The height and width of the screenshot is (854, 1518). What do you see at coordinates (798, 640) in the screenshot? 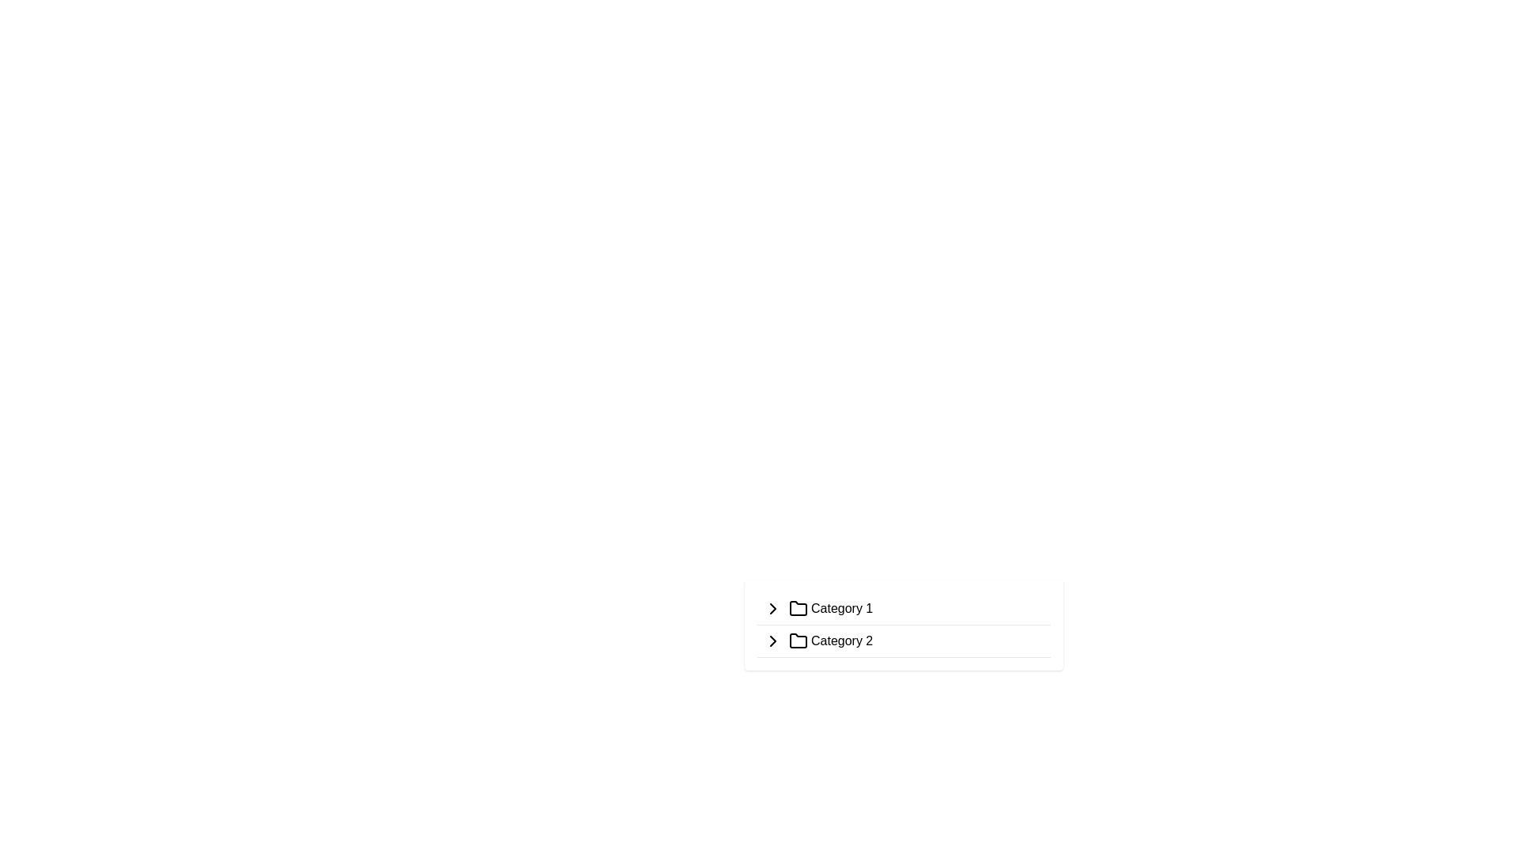
I see `the 'Category 2' folder icon in the tree view interface, which is styled with a rounded rectangular shape and appears black in color` at bounding box center [798, 640].